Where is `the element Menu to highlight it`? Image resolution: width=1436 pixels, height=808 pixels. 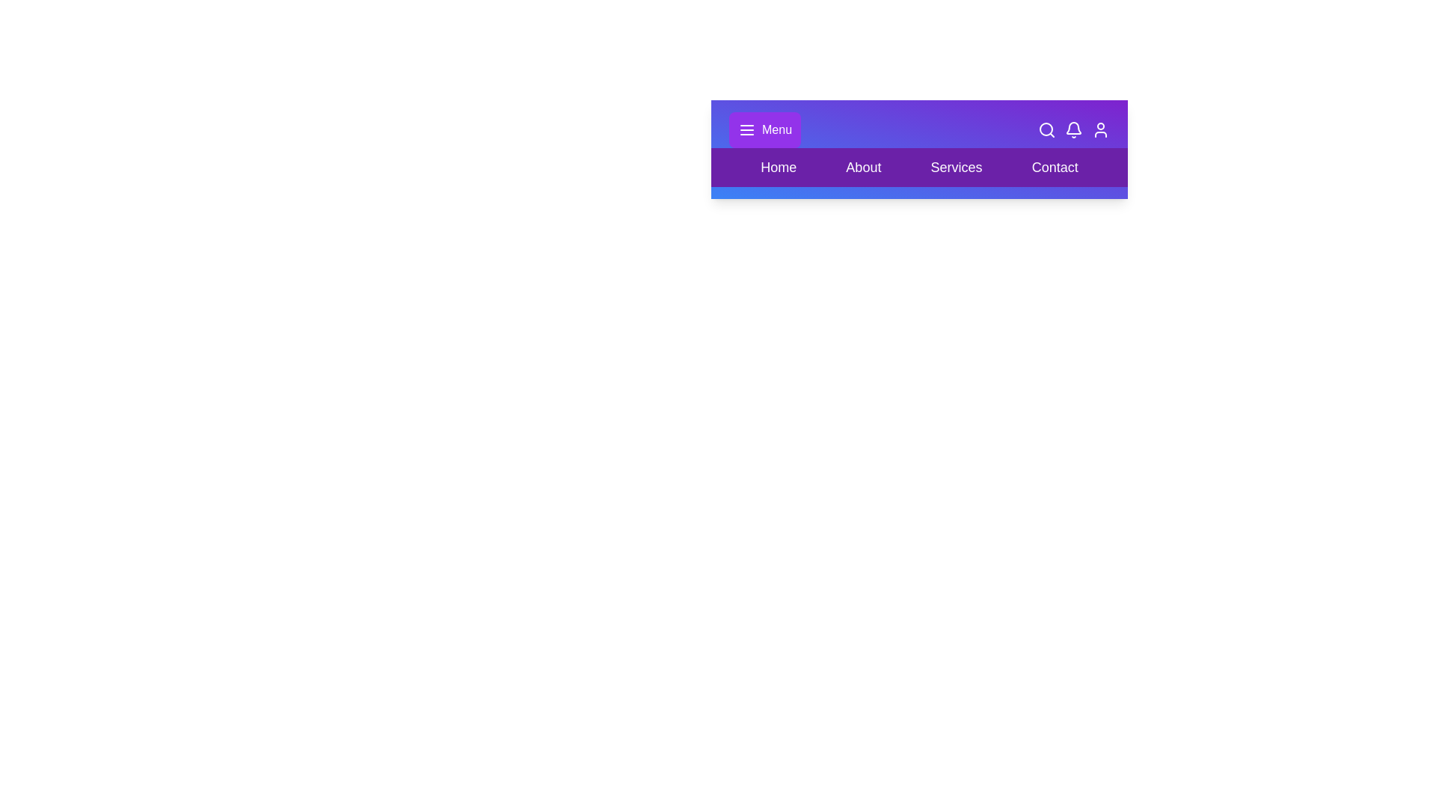 the element Menu to highlight it is located at coordinates (764, 129).